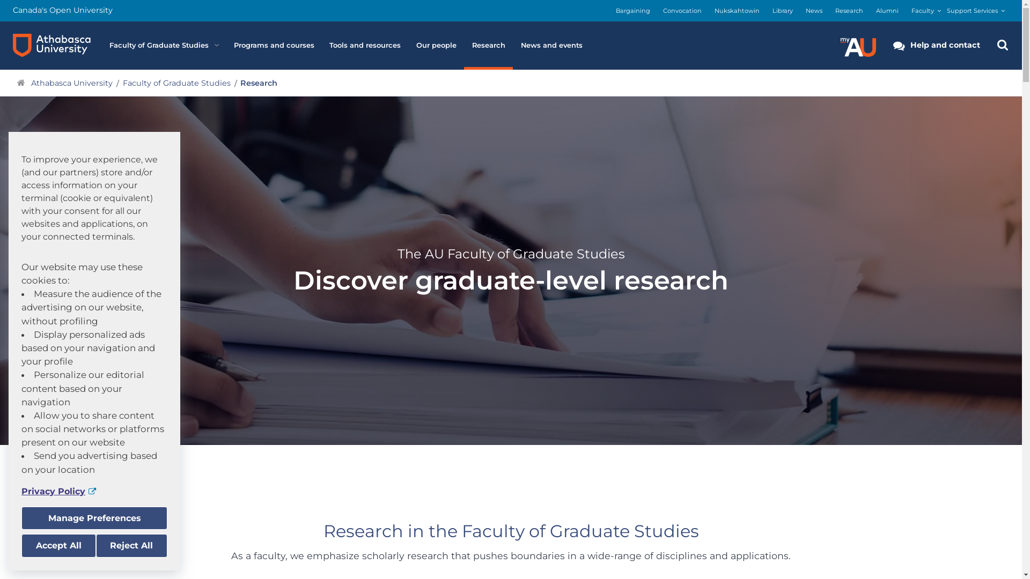 The width and height of the screenshot is (1030, 579). Describe the element at coordinates (936, 44) in the screenshot. I see `'Help and contact'` at that location.